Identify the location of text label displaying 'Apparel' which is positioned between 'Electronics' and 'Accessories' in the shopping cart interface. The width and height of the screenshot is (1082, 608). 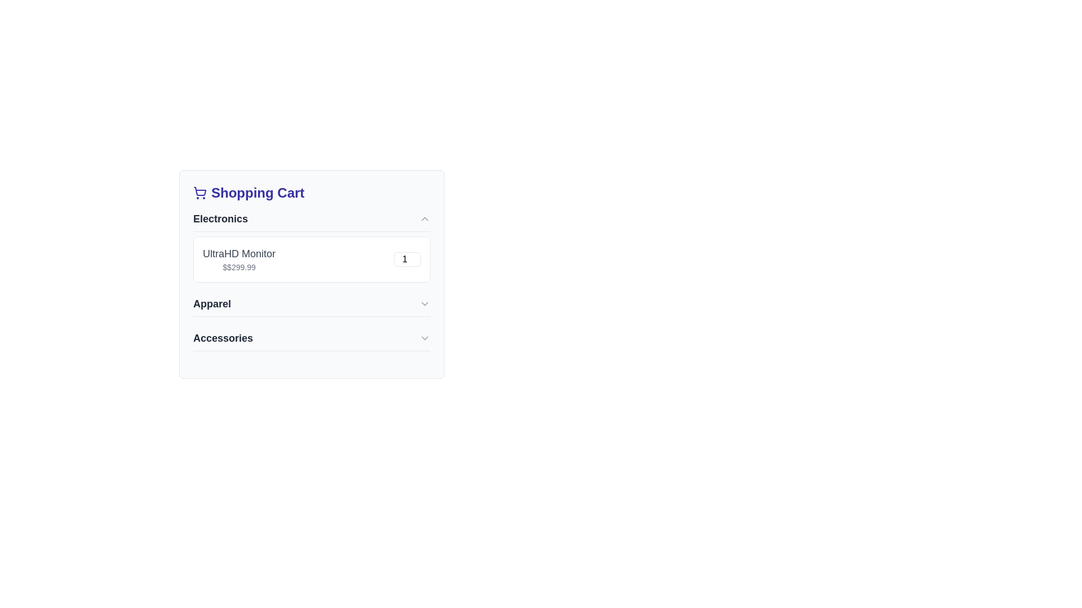
(212, 304).